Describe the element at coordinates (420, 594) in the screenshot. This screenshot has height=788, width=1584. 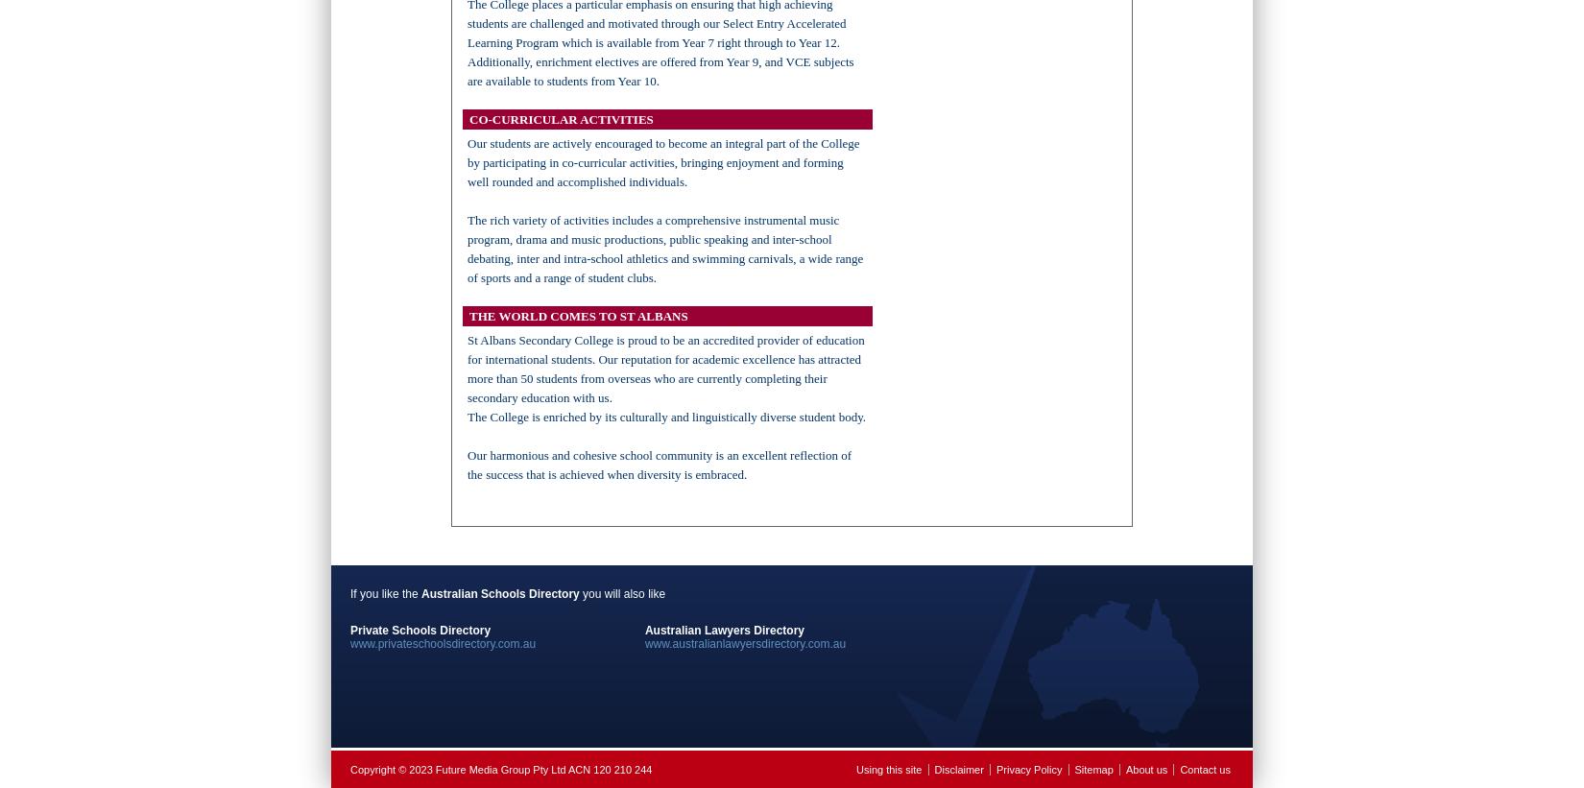
I see `'Australian Schools Directory'` at that location.